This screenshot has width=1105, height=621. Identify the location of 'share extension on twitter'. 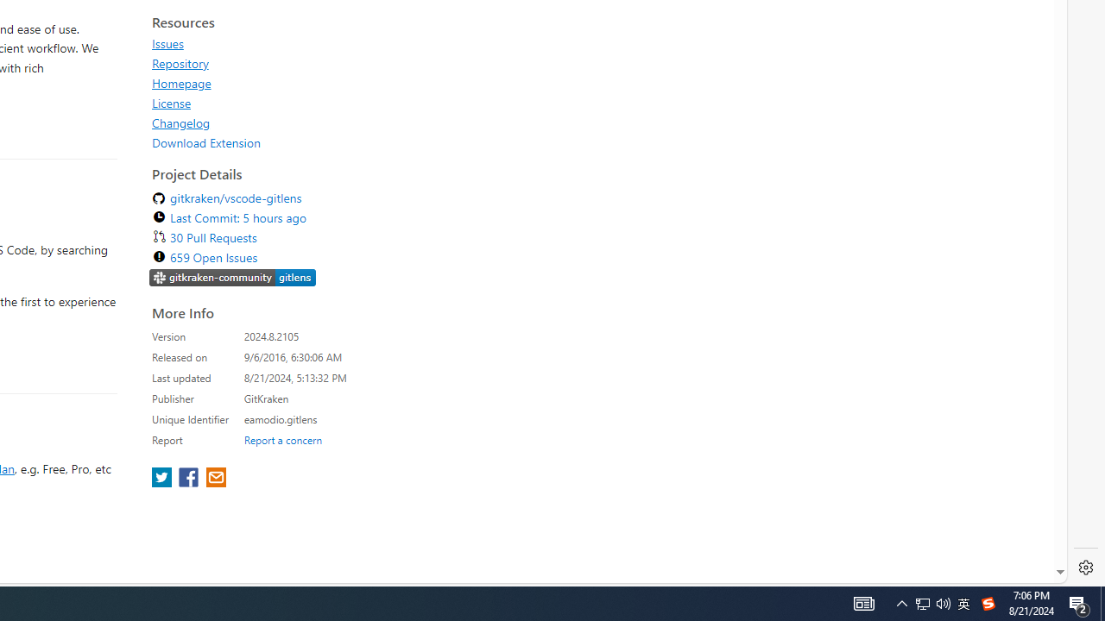
(164, 479).